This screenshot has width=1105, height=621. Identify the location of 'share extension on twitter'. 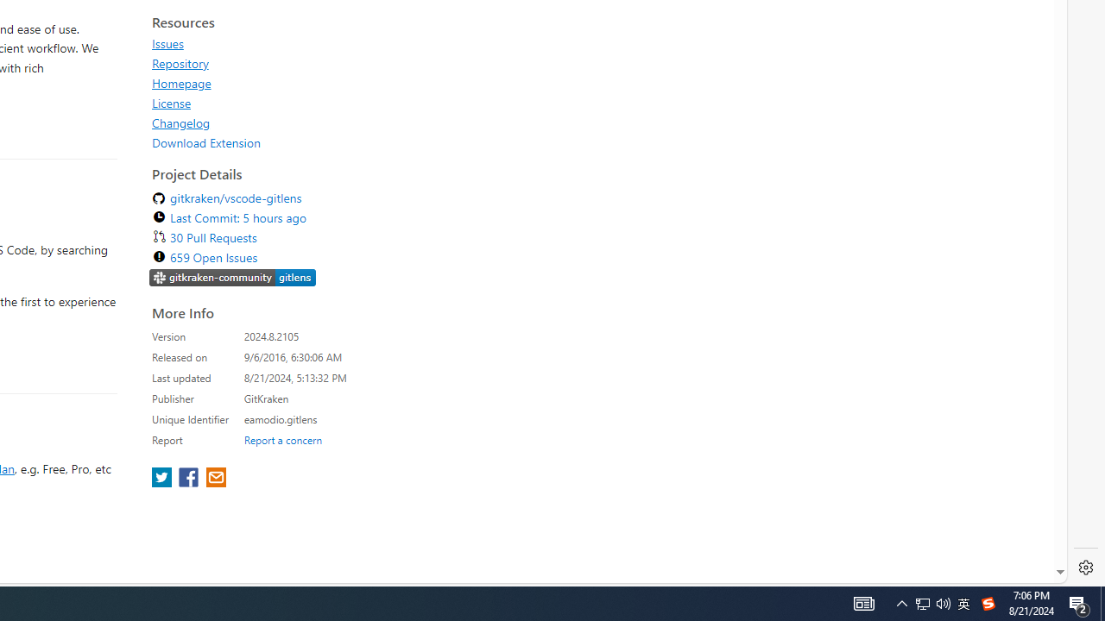
(164, 479).